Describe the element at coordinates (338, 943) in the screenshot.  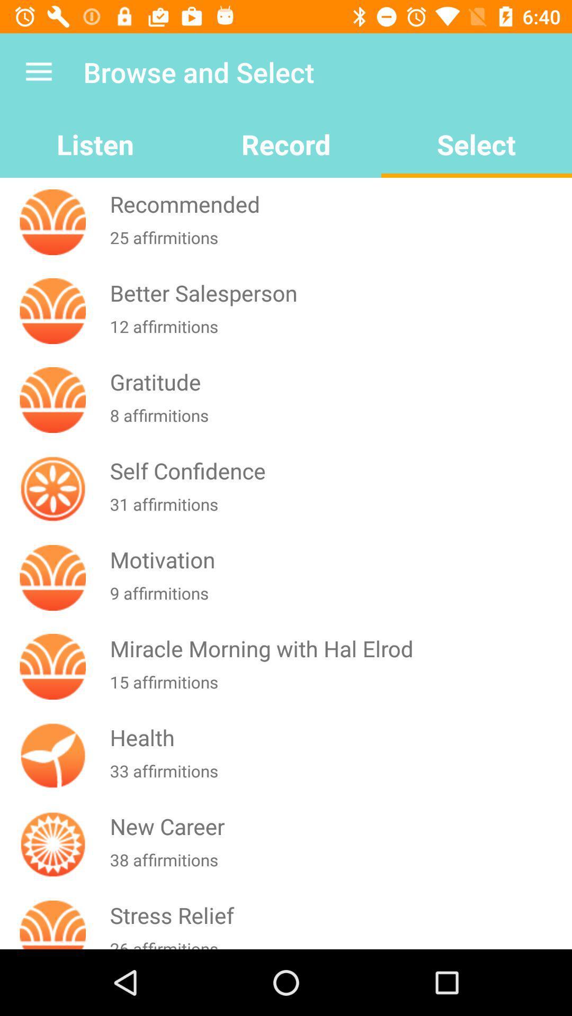
I see `26 affirmitions icon` at that location.